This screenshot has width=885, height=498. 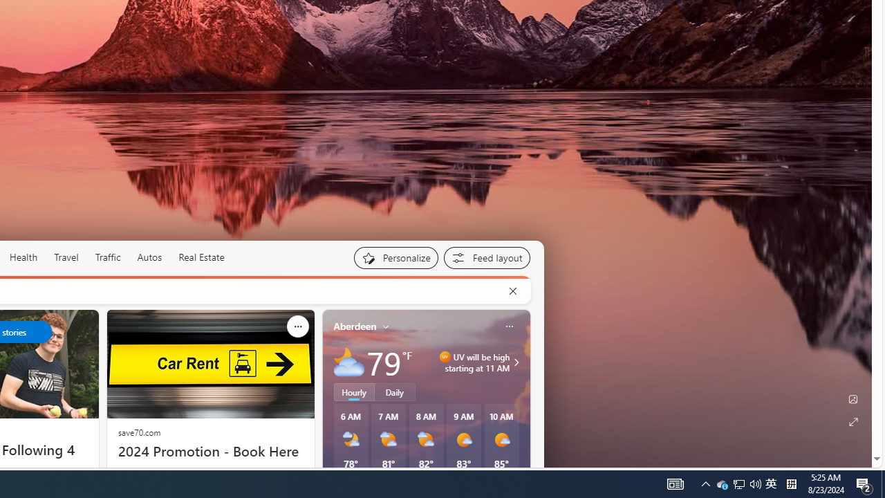 I want to click on 'Real Estate', so click(x=201, y=257).